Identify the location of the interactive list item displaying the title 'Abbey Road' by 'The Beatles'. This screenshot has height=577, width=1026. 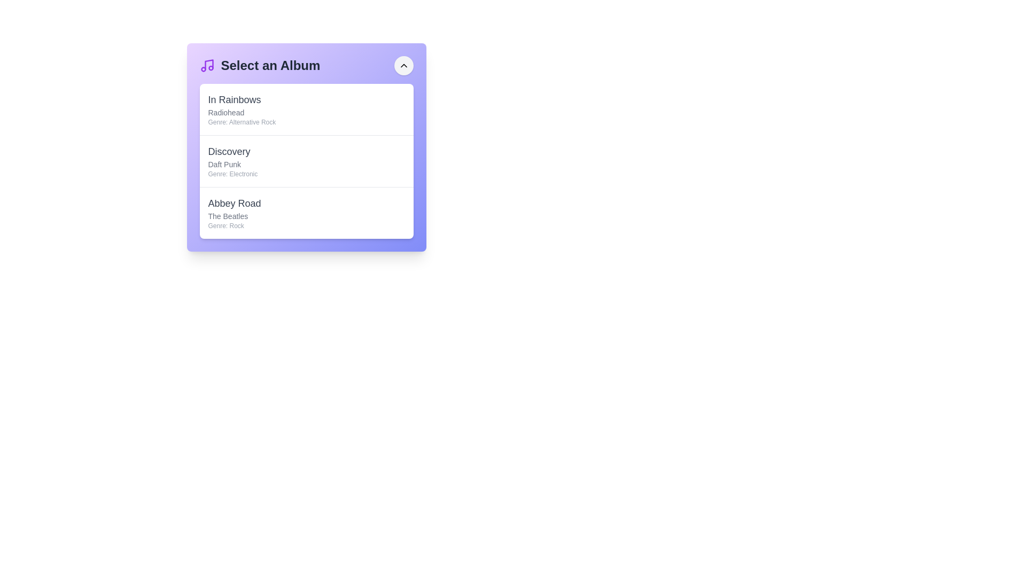
(306, 213).